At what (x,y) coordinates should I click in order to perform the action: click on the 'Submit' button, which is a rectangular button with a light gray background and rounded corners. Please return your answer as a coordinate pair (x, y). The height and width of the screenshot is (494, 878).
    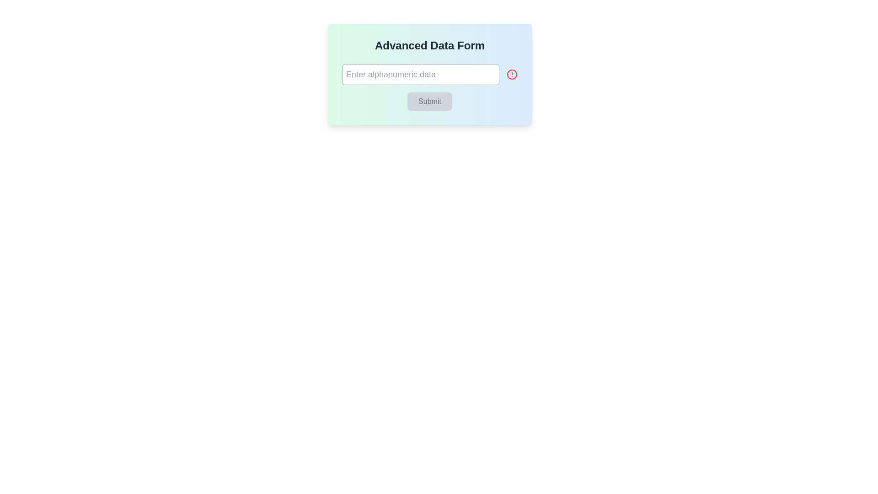
    Looking at the image, I should click on (429, 102).